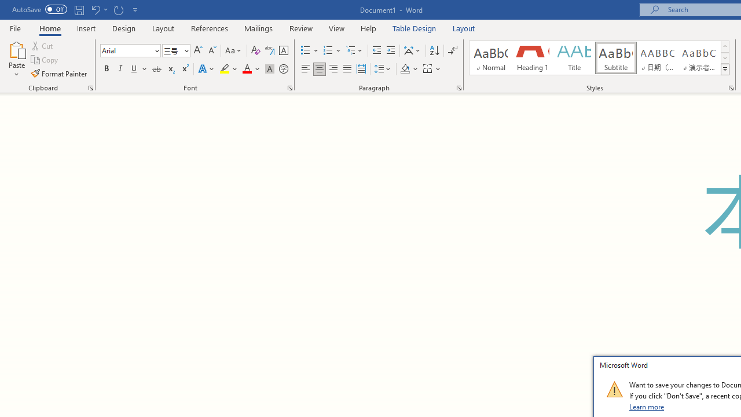 Image resolution: width=741 pixels, height=417 pixels. What do you see at coordinates (354, 50) in the screenshot?
I see `'Multilevel List'` at bounding box center [354, 50].